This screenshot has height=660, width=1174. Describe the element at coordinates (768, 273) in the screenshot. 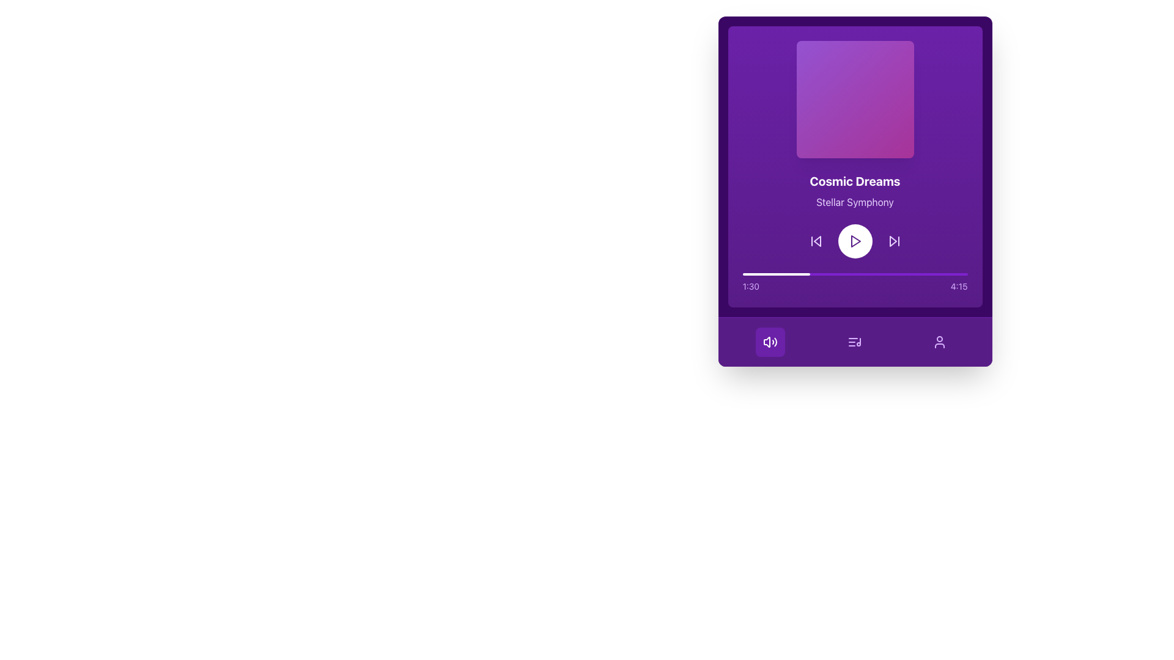

I see `the slider position` at that location.